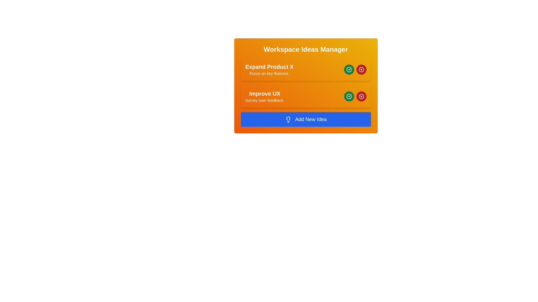 Image resolution: width=538 pixels, height=302 pixels. Describe the element at coordinates (269, 73) in the screenshot. I see `the Text label located below 'Expand Product X' in the top-left quadrant of the interface` at that location.